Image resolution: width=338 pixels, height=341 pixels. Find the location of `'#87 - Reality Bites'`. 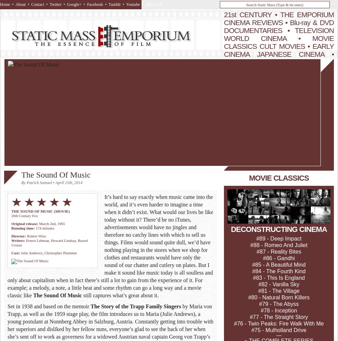

'#87 - Reality Bites' is located at coordinates (278, 251).